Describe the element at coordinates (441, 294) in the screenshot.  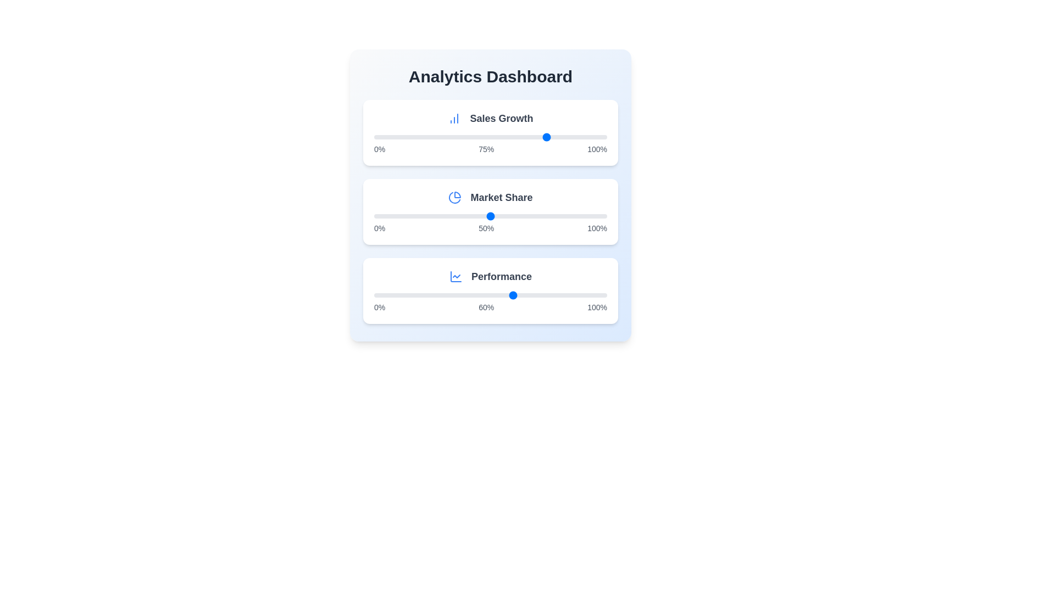
I see `the 'Performance' slider to 29 percent` at that location.